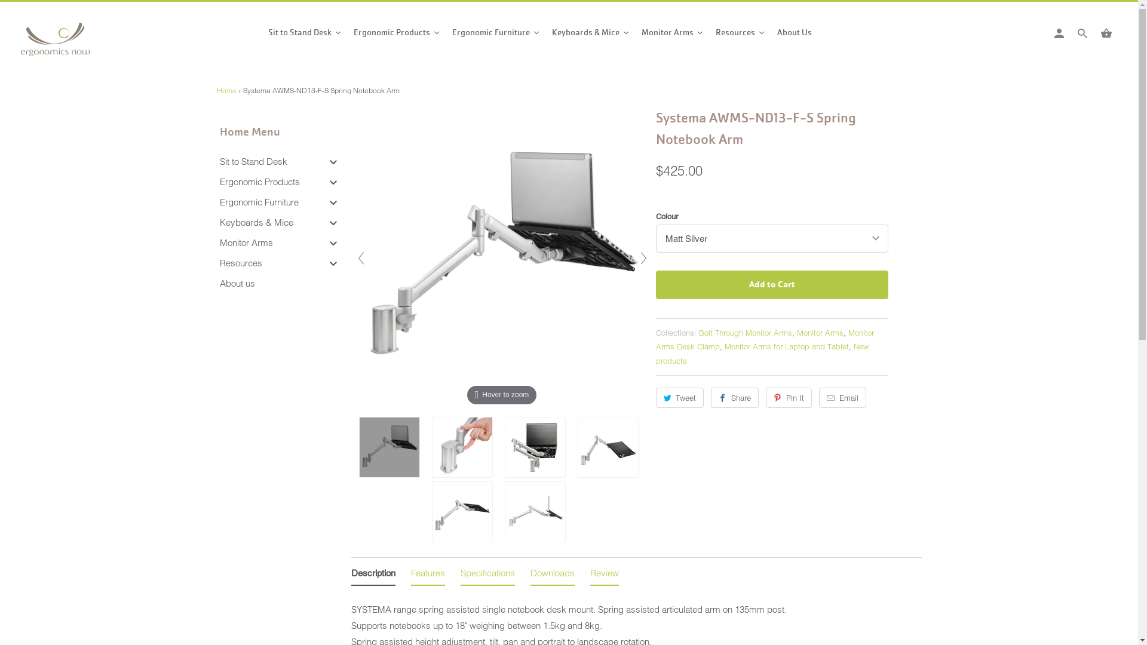 This screenshot has height=645, width=1147. I want to click on 'Ergonomic Products', so click(220, 182).